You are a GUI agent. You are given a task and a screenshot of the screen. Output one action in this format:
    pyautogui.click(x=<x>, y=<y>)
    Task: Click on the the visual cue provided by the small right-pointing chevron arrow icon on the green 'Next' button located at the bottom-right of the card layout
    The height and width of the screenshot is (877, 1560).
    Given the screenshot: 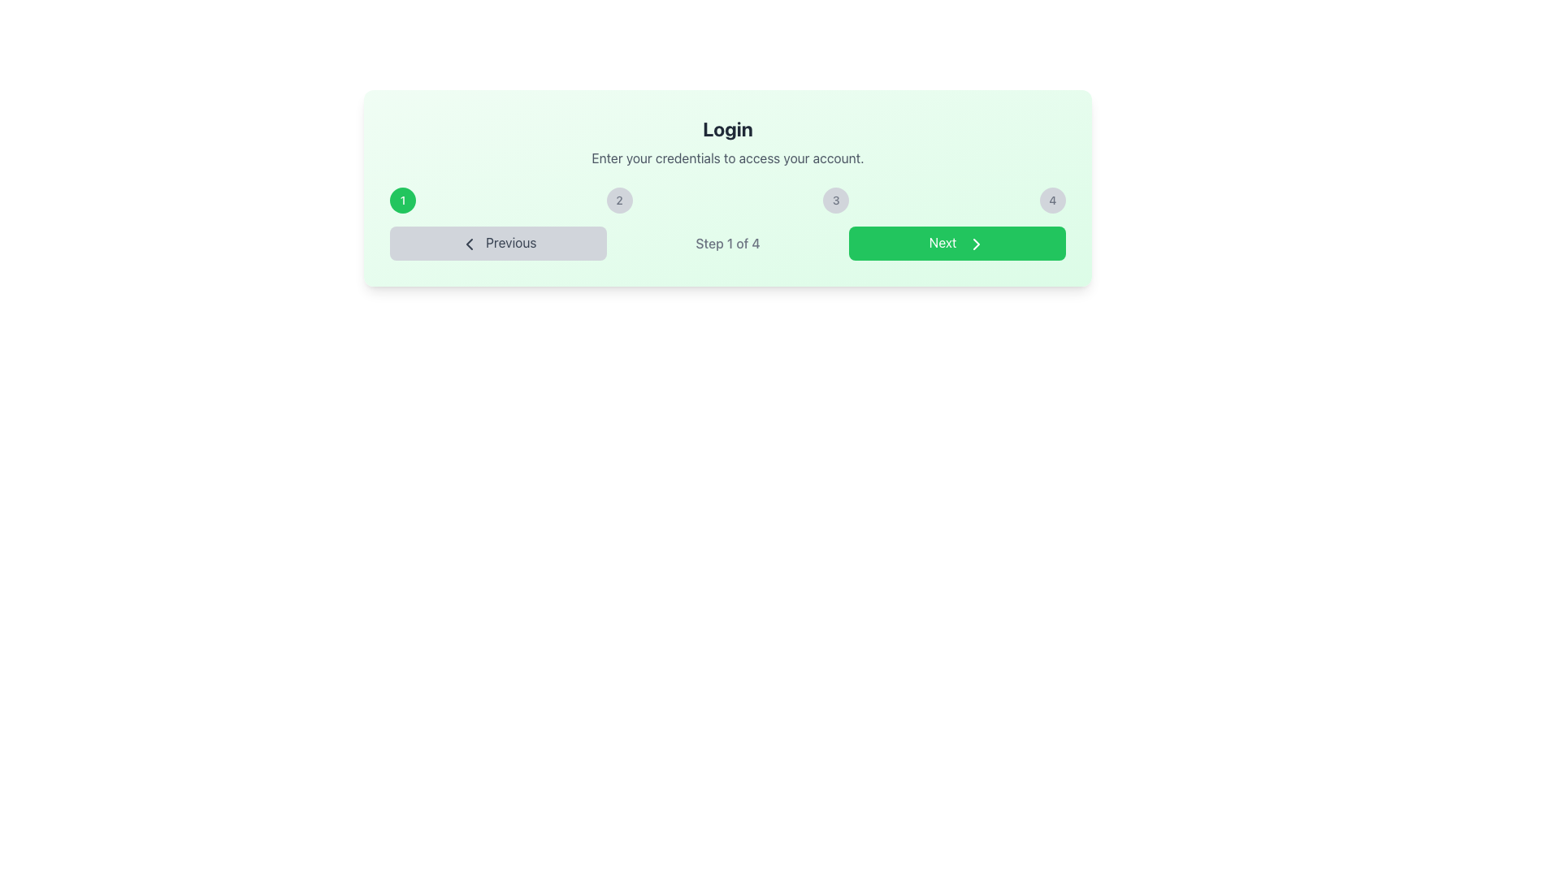 What is the action you would take?
    pyautogui.click(x=975, y=244)
    